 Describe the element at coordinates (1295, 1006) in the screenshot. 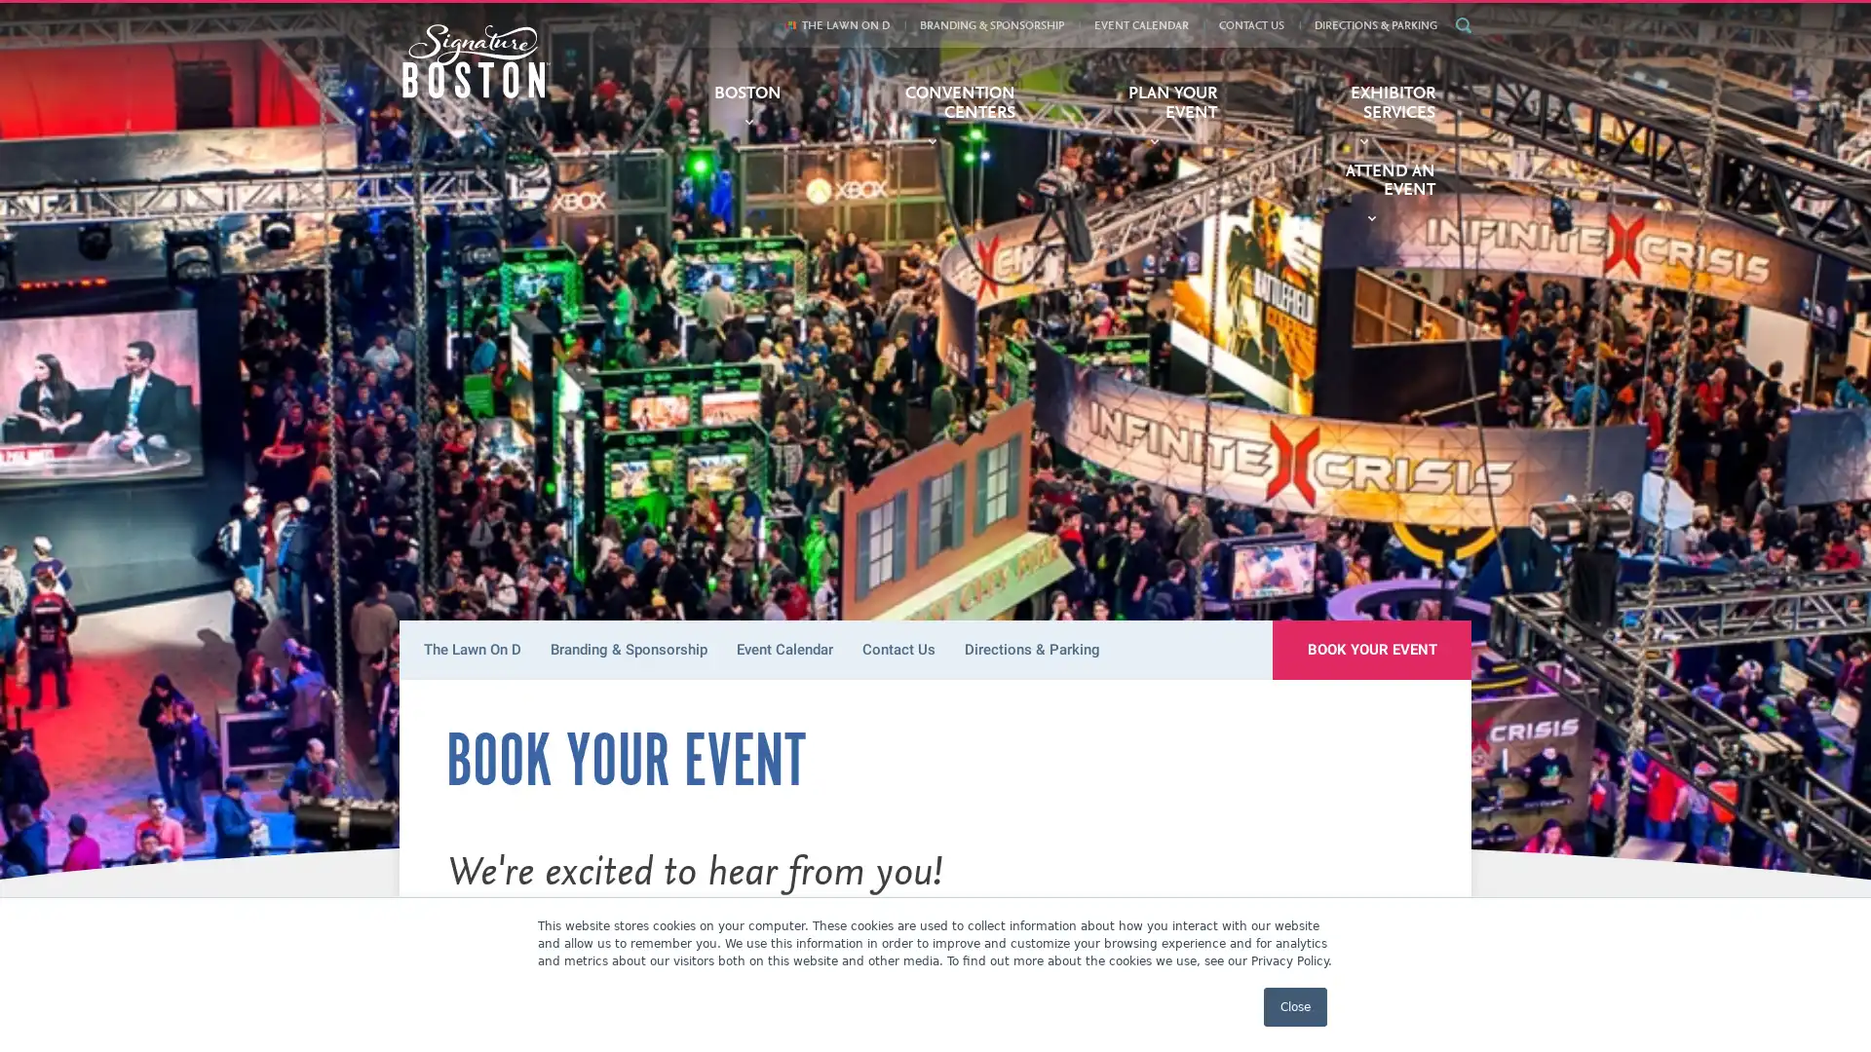

I see `Close` at that location.